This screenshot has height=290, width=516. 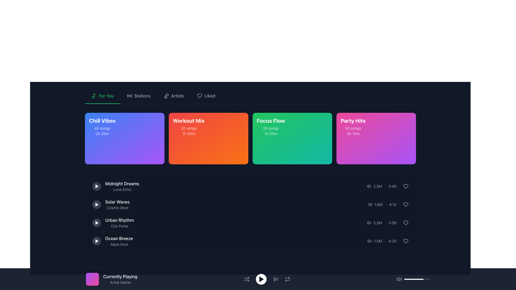 I want to click on the text label displaying 'Cosmic Beat', which is styled in small, light-gray font and positioned below 'Solar Waves', so click(x=117, y=208).